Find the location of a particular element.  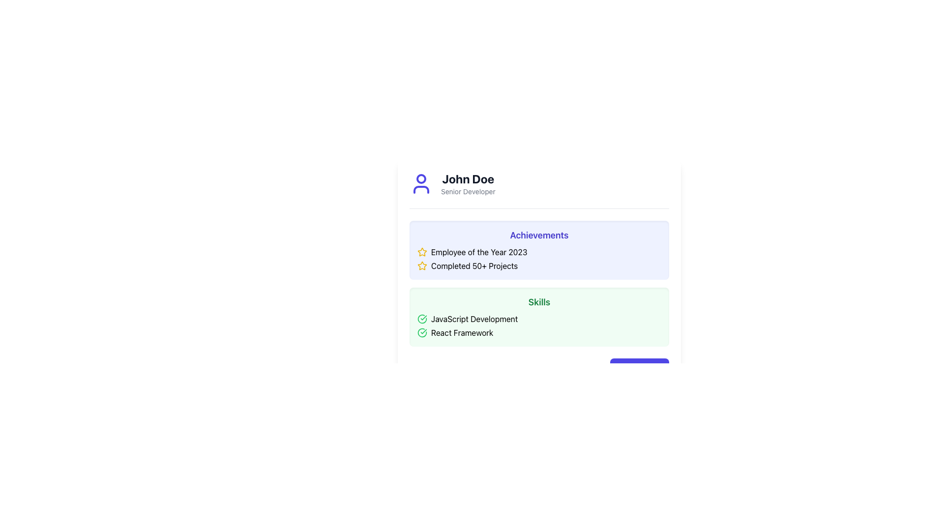

the 'JavaScript Development' text label located within the green 'Skills' box, which is the first item in the vertical list of skills below the 'Achievements' section is located at coordinates (474, 319).